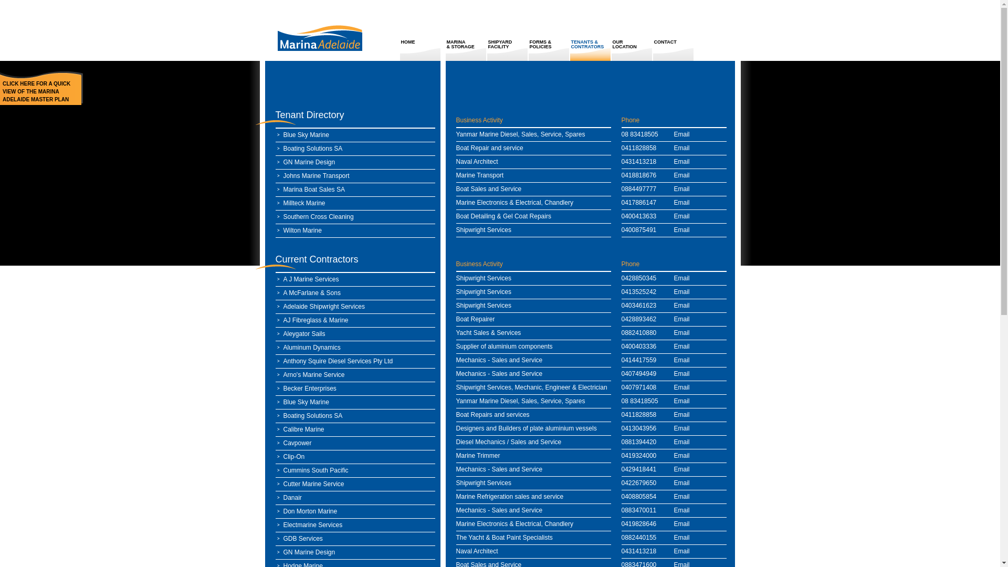  Describe the element at coordinates (674, 148) in the screenshot. I see `'Email'` at that location.